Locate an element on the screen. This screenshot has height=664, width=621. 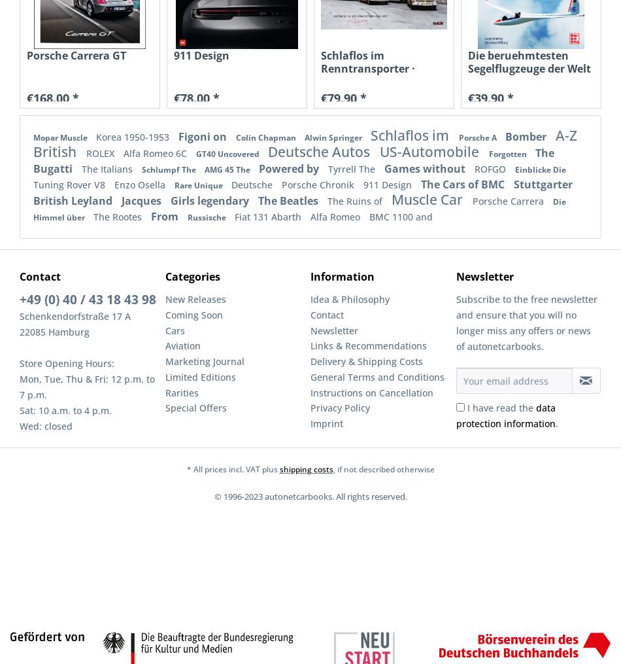
'US-Automobile' is located at coordinates (431, 151).